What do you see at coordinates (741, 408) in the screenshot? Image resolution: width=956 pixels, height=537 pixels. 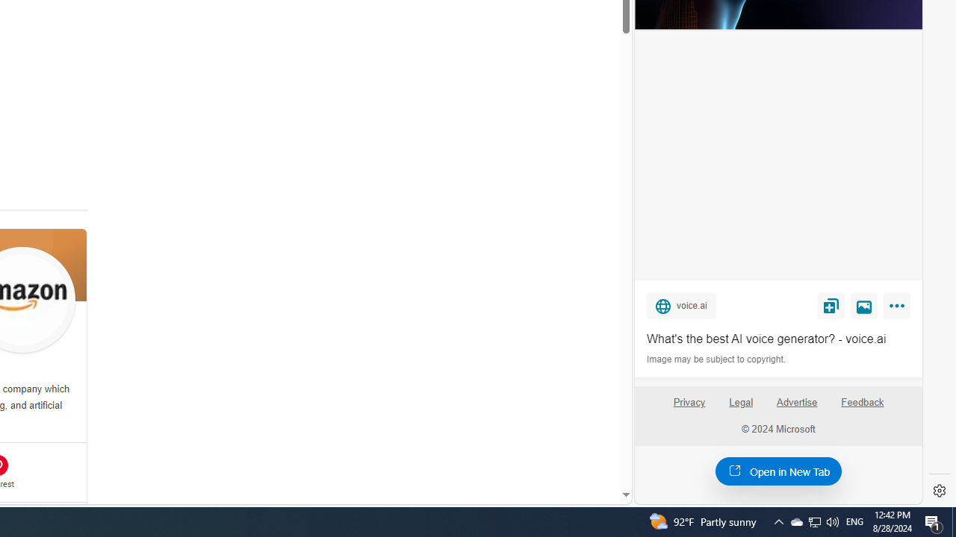 I see `'Legal'` at bounding box center [741, 408].